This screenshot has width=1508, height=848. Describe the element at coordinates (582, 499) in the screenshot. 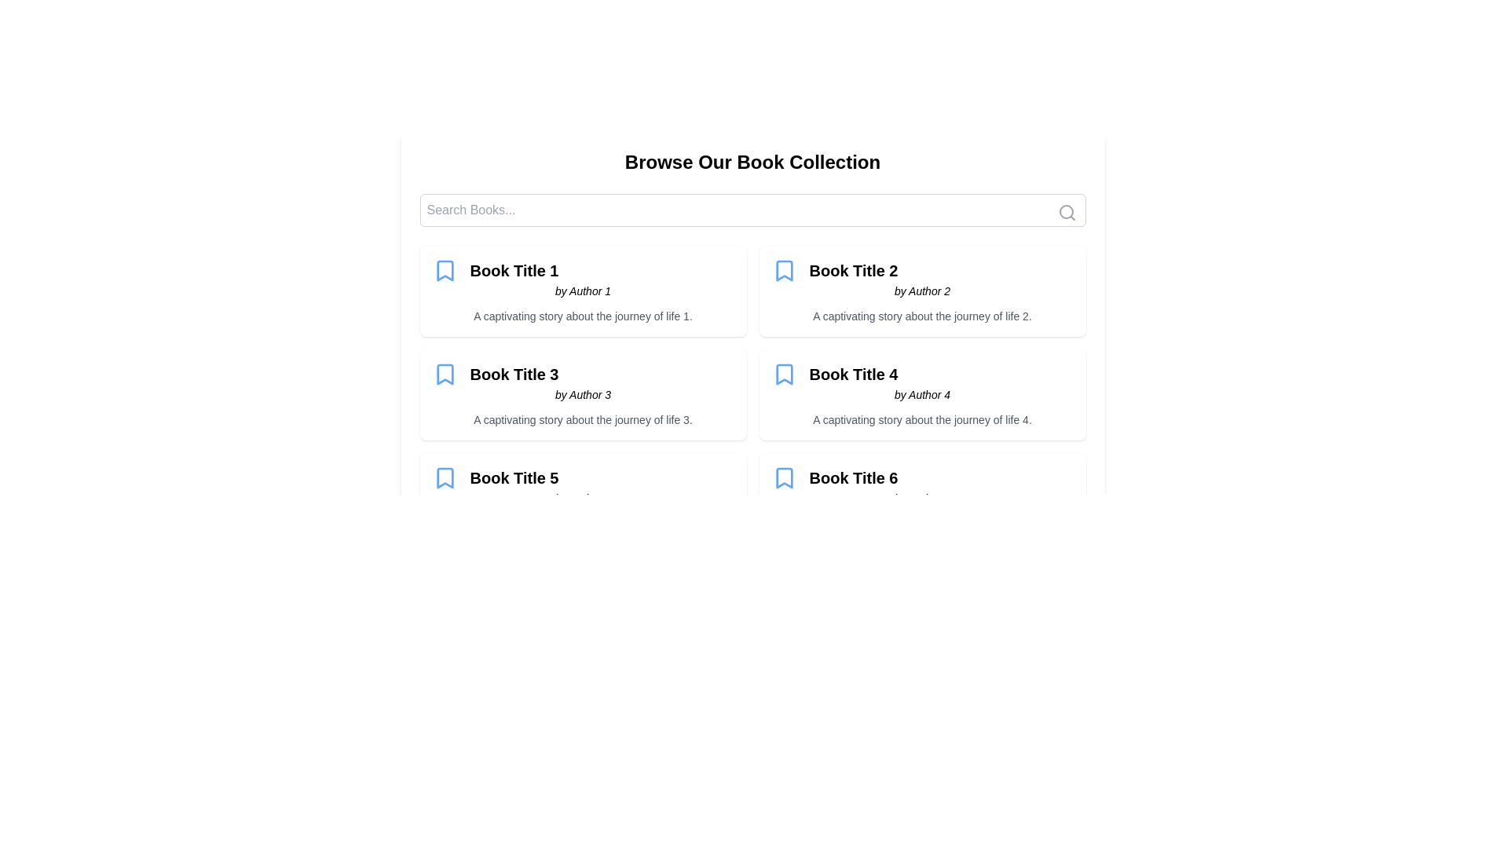

I see `the Informational Card displaying details about a book, located in the second row, first column of the grid layout, aligned to the left and below 'Book Title 3'` at that location.